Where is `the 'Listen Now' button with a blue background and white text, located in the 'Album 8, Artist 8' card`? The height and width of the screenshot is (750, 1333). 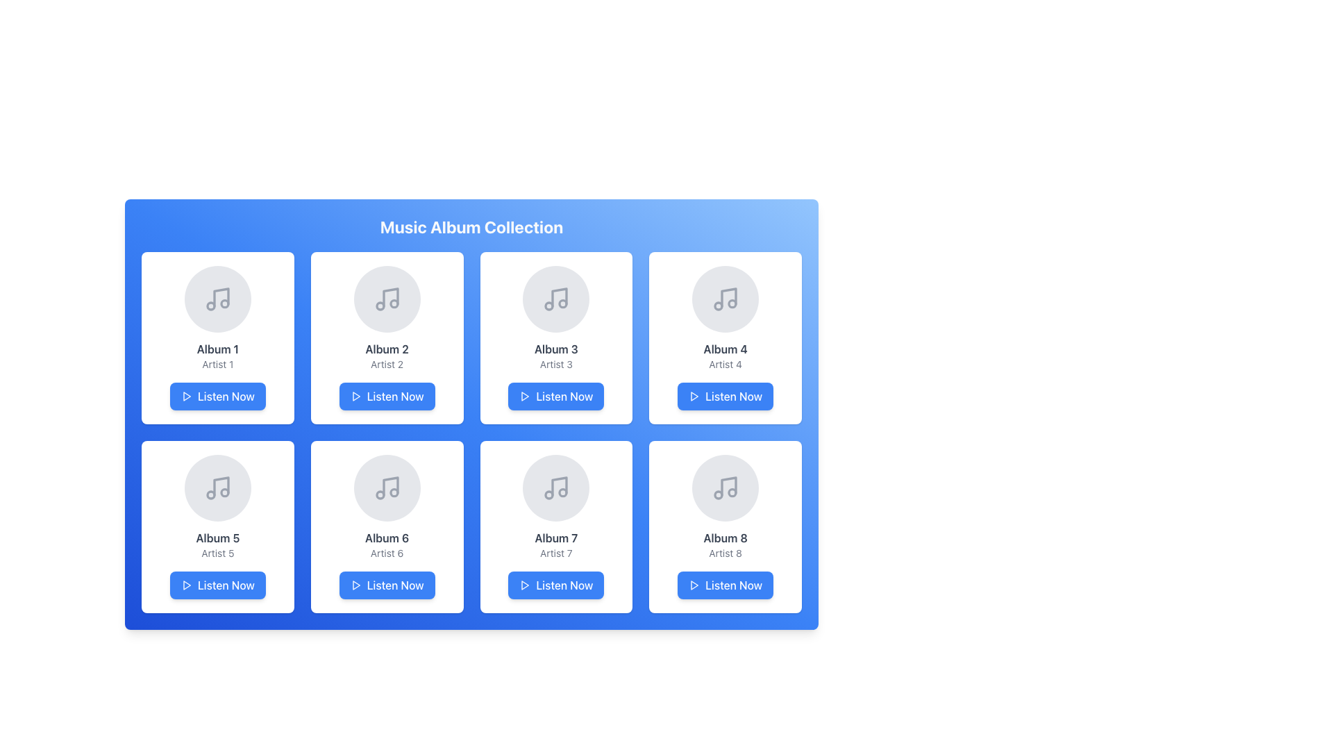
the 'Listen Now' button with a blue background and white text, located in the 'Album 8, Artist 8' card is located at coordinates (725, 585).